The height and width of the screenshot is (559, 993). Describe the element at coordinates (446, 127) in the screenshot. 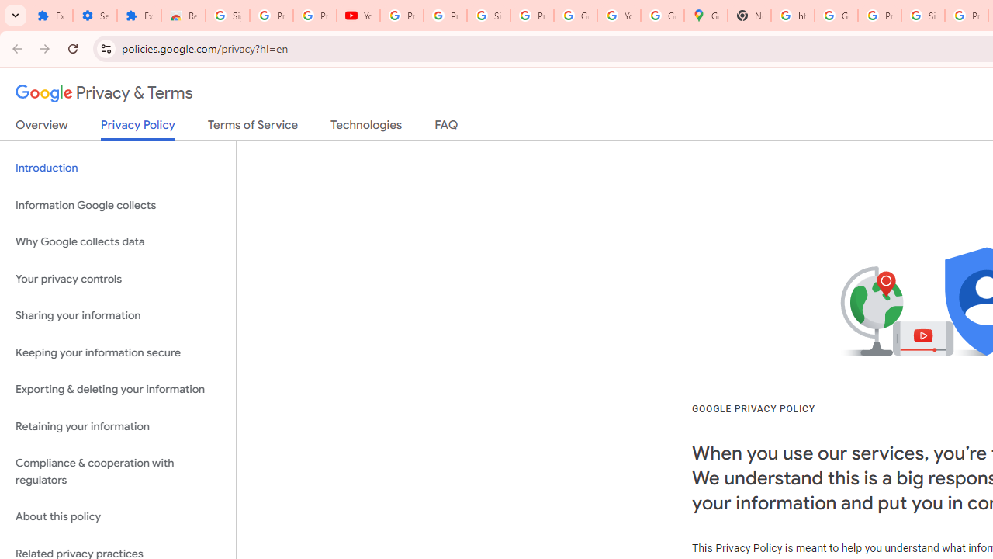

I see `'FAQ'` at that location.